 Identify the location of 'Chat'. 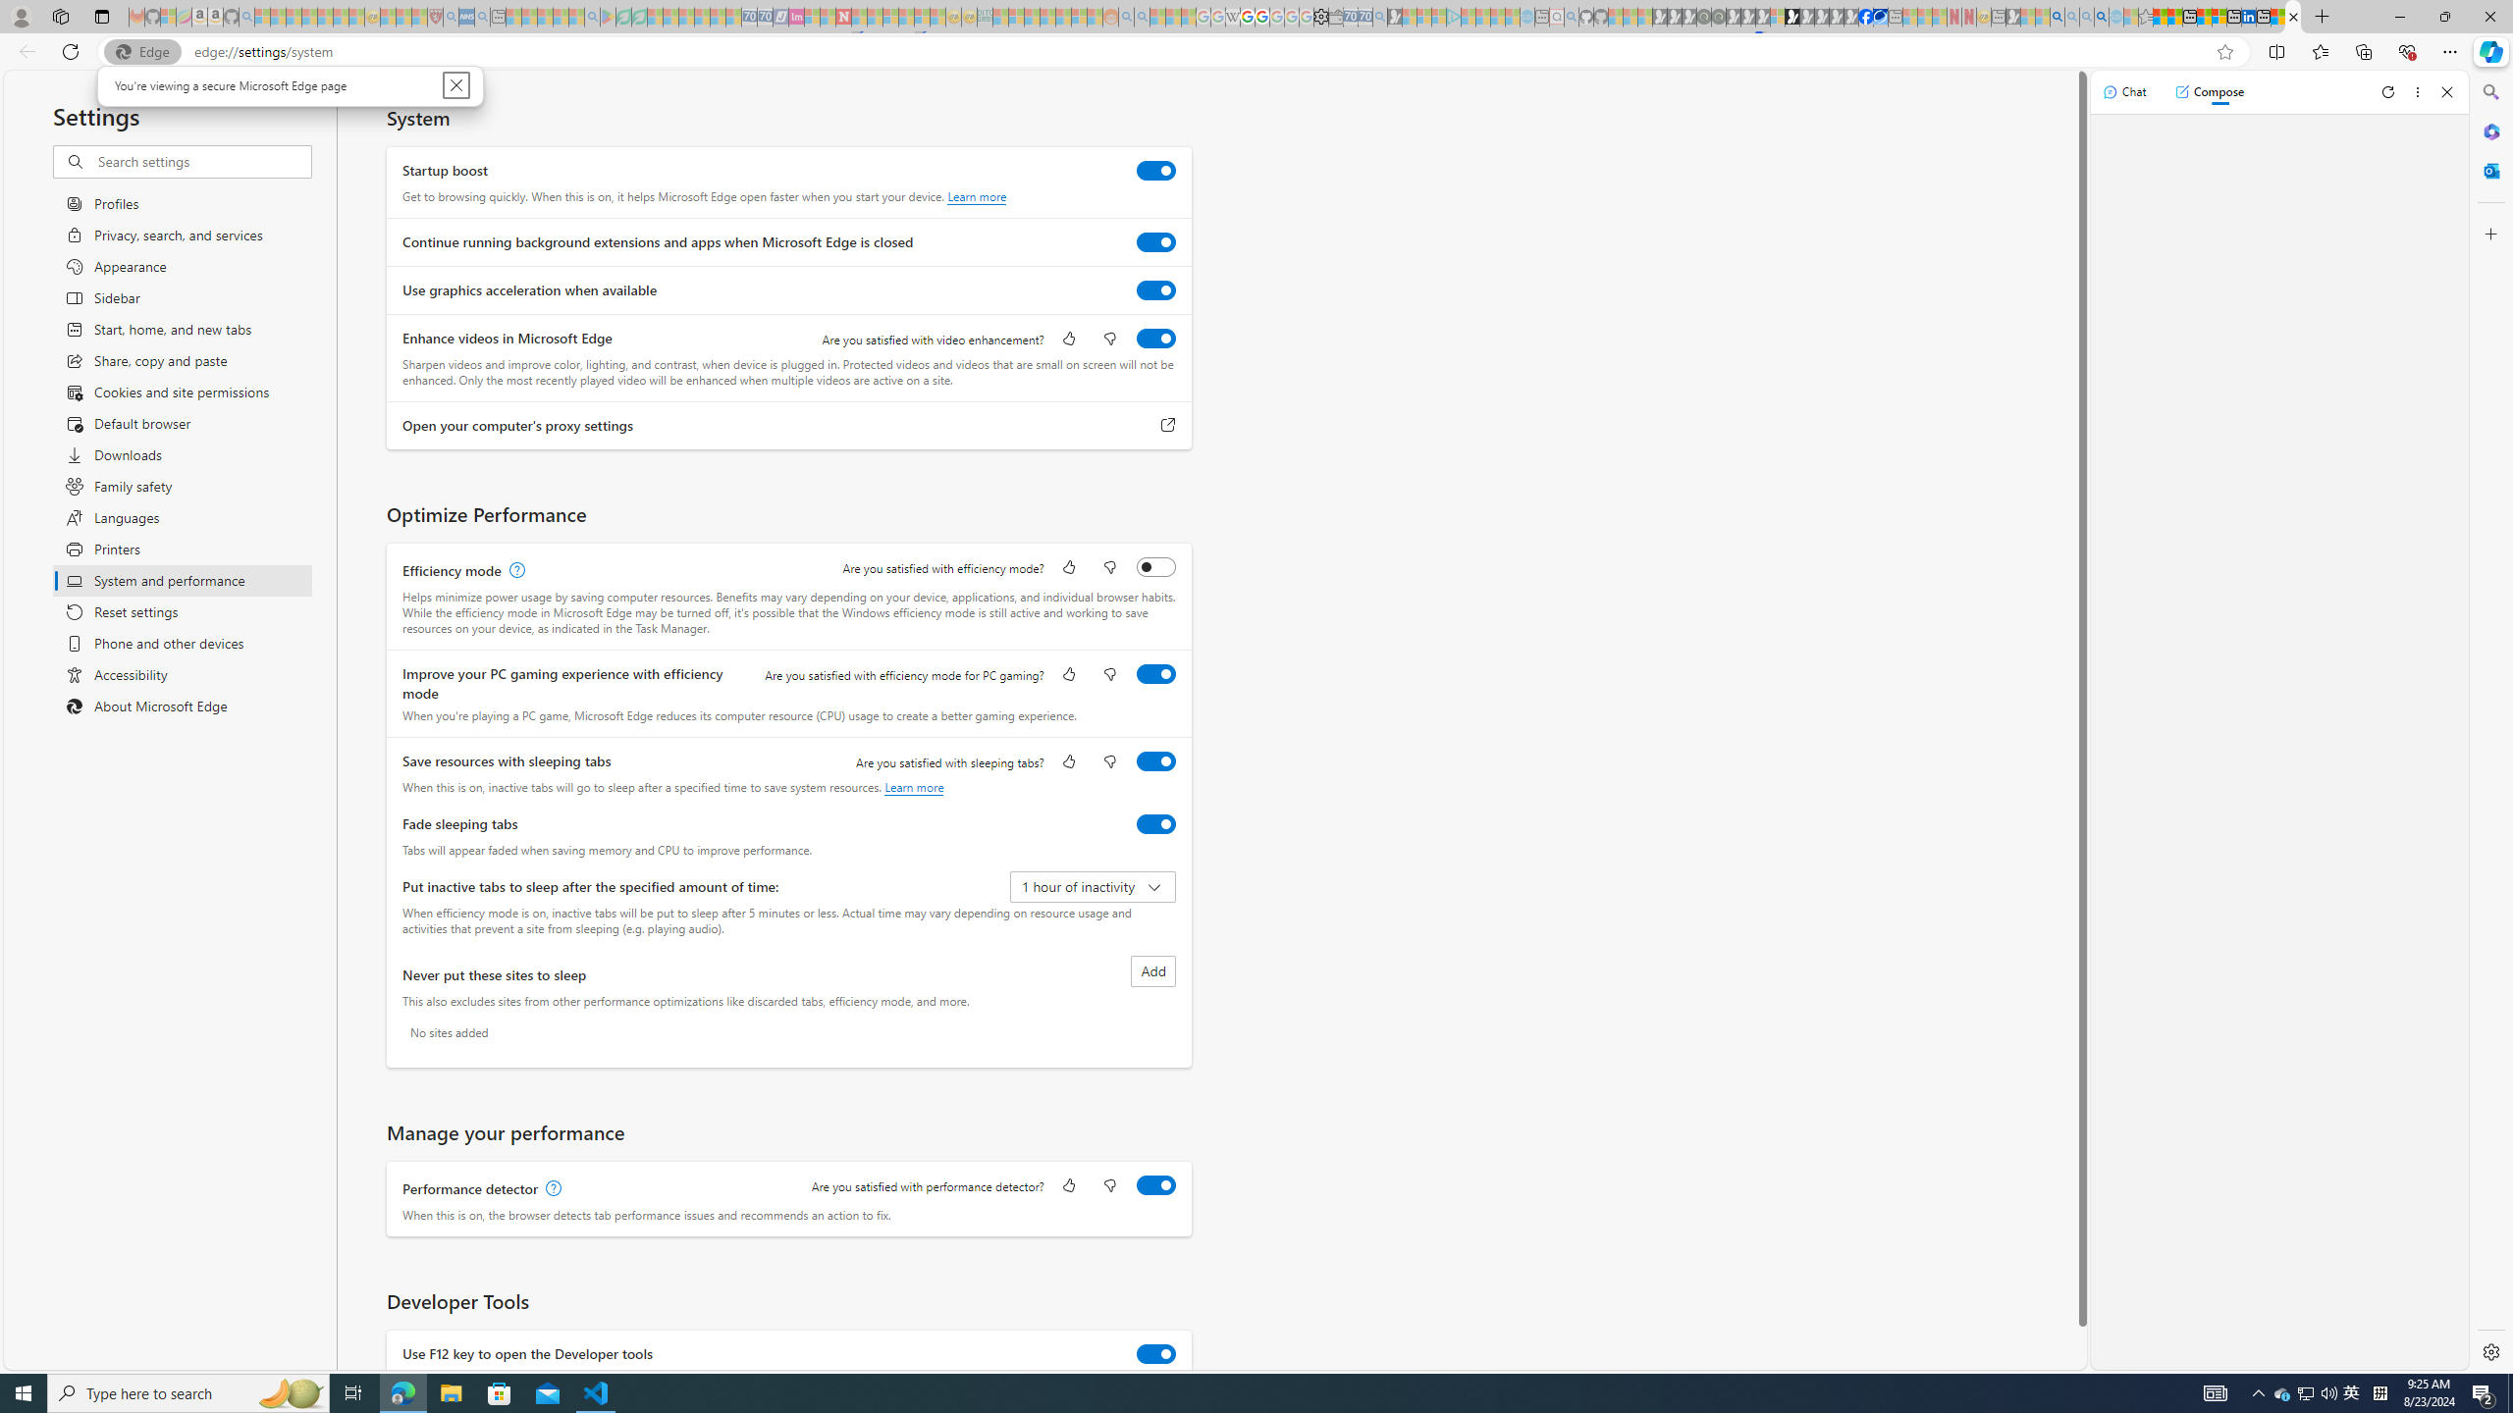
(2124, 90).